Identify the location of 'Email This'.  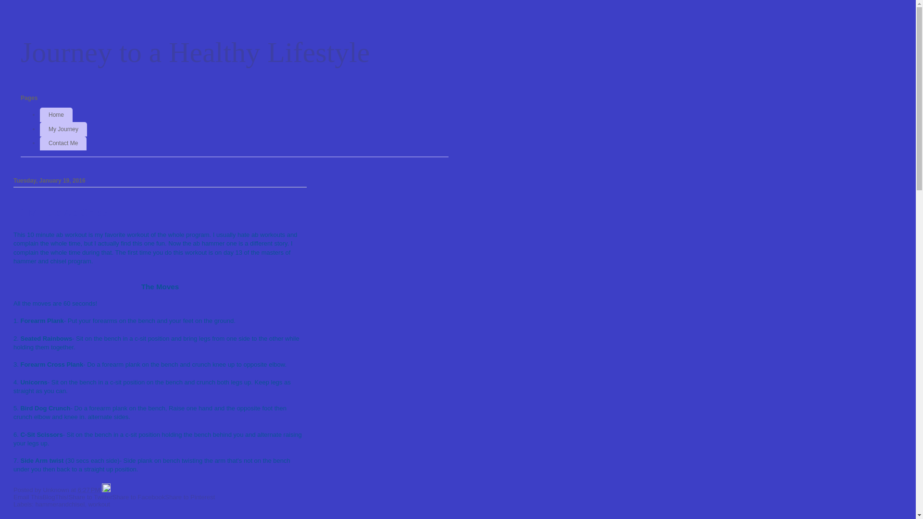
(13, 497).